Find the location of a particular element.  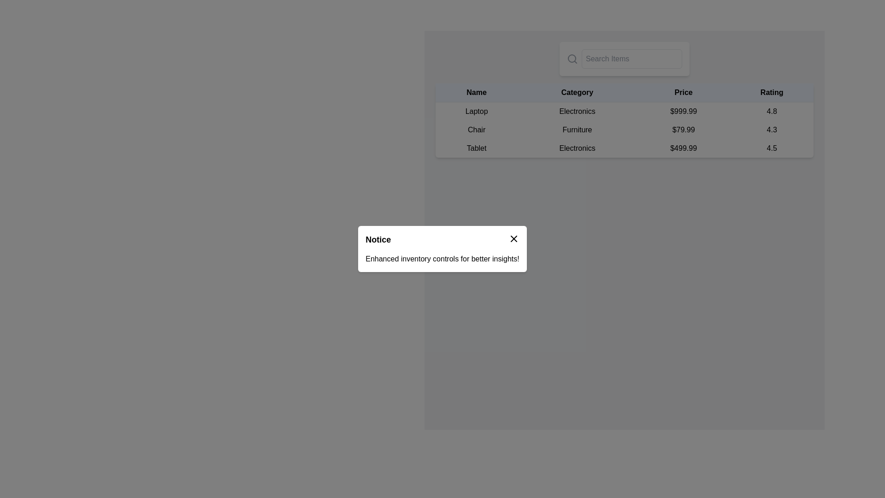

the Text label displaying the price of the Tablet in the Price column of the table, located next to 'Electronics' and '4.5' is located at coordinates (684, 148).